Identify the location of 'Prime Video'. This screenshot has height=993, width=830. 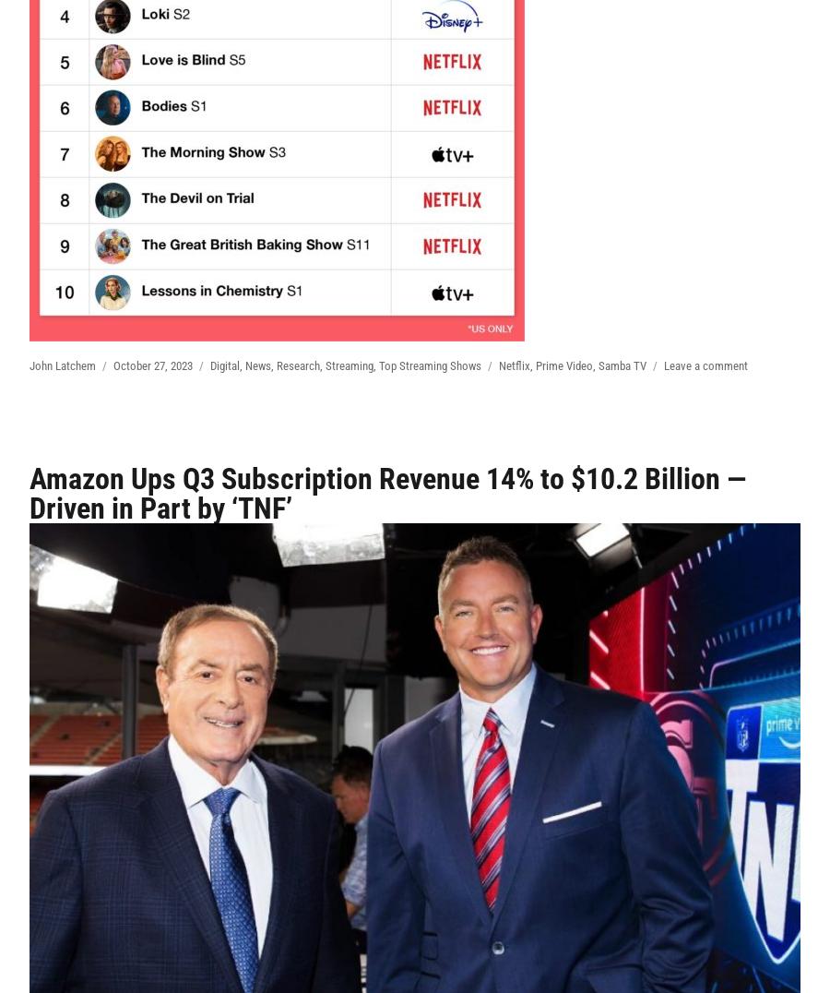
(564, 365).